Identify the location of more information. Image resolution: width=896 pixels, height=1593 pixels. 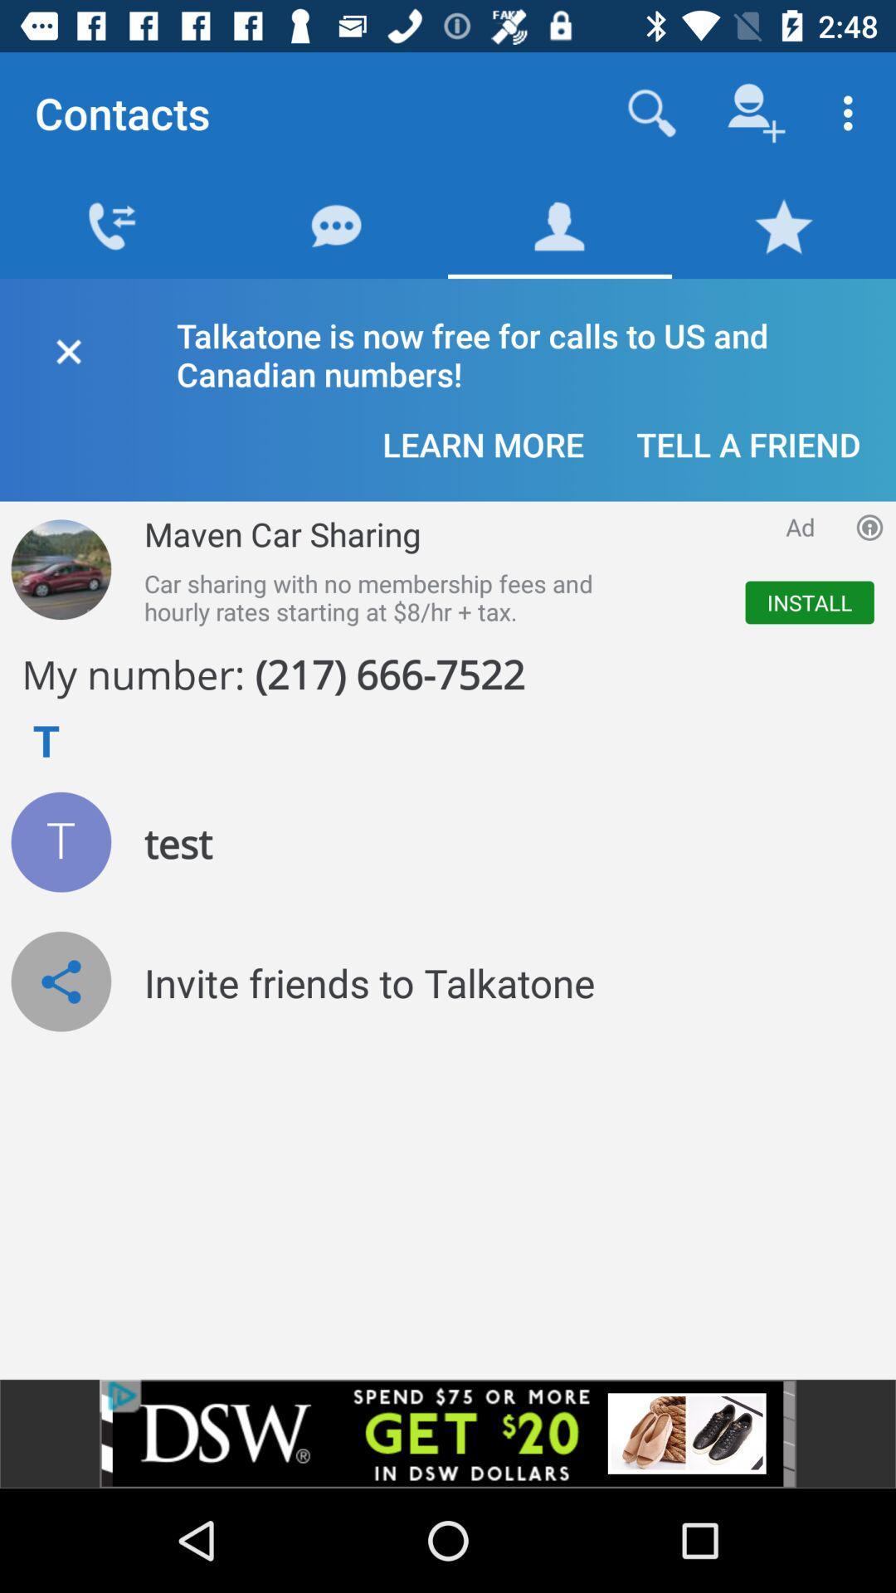
(869, 526).